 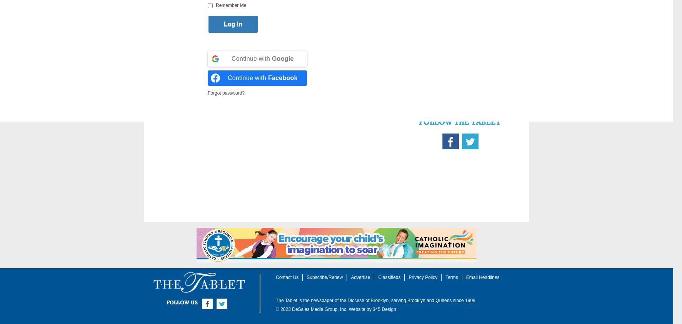 What do you see at coordinates (226, 93) in the screenshot?
I see `'Forgot password?'` at bounding box center [226, 93].